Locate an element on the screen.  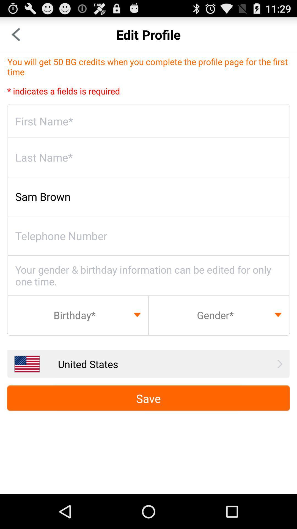
first name is located at coordinates (148, 121).